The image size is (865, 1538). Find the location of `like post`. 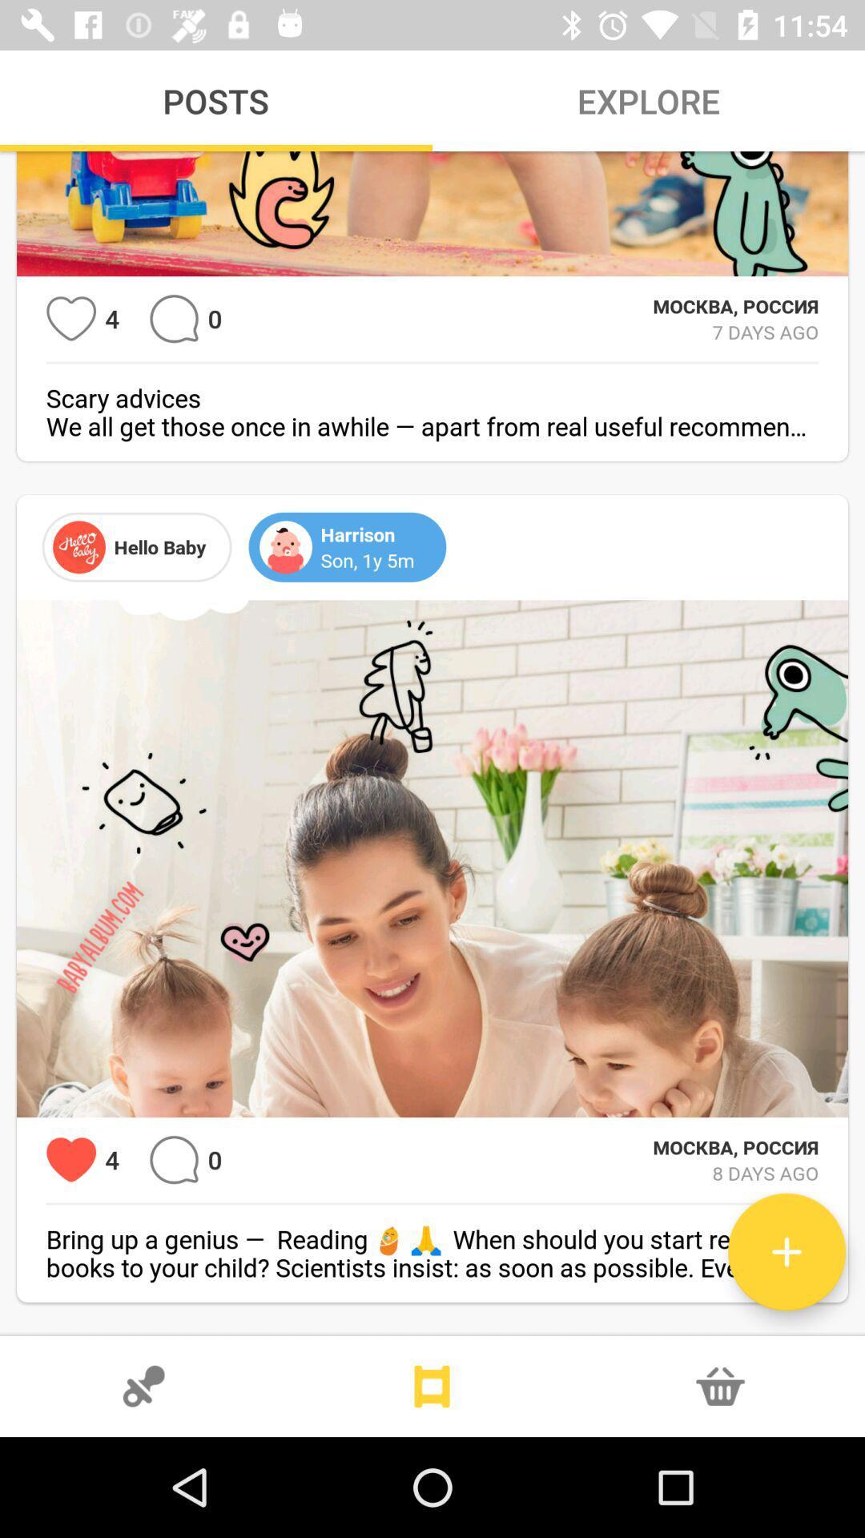

like post is located at coordinates (70, 319).